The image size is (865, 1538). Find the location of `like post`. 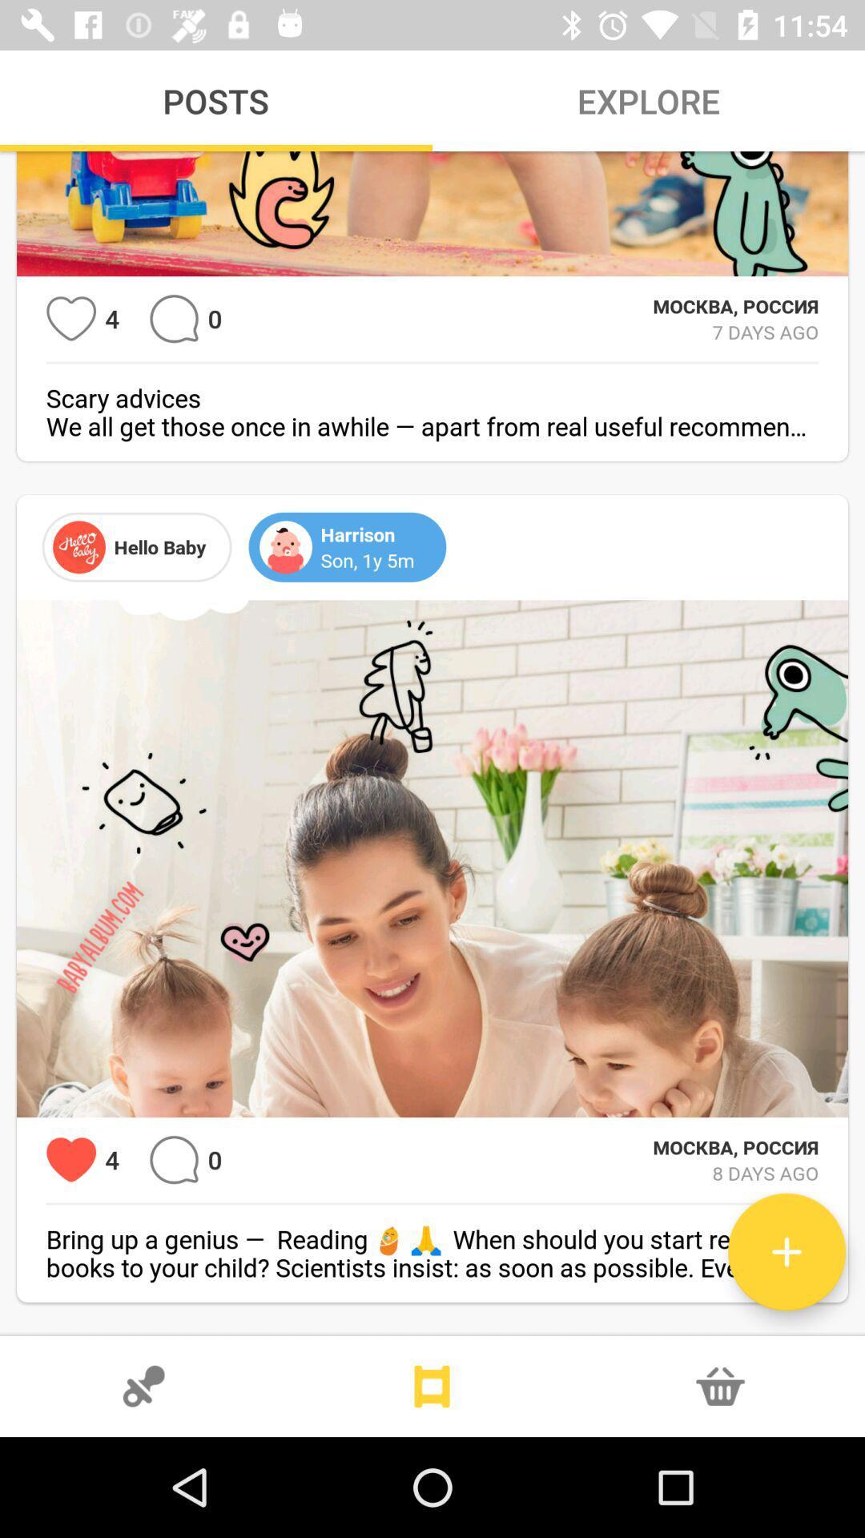

like post is located at coordinates (70, 319).